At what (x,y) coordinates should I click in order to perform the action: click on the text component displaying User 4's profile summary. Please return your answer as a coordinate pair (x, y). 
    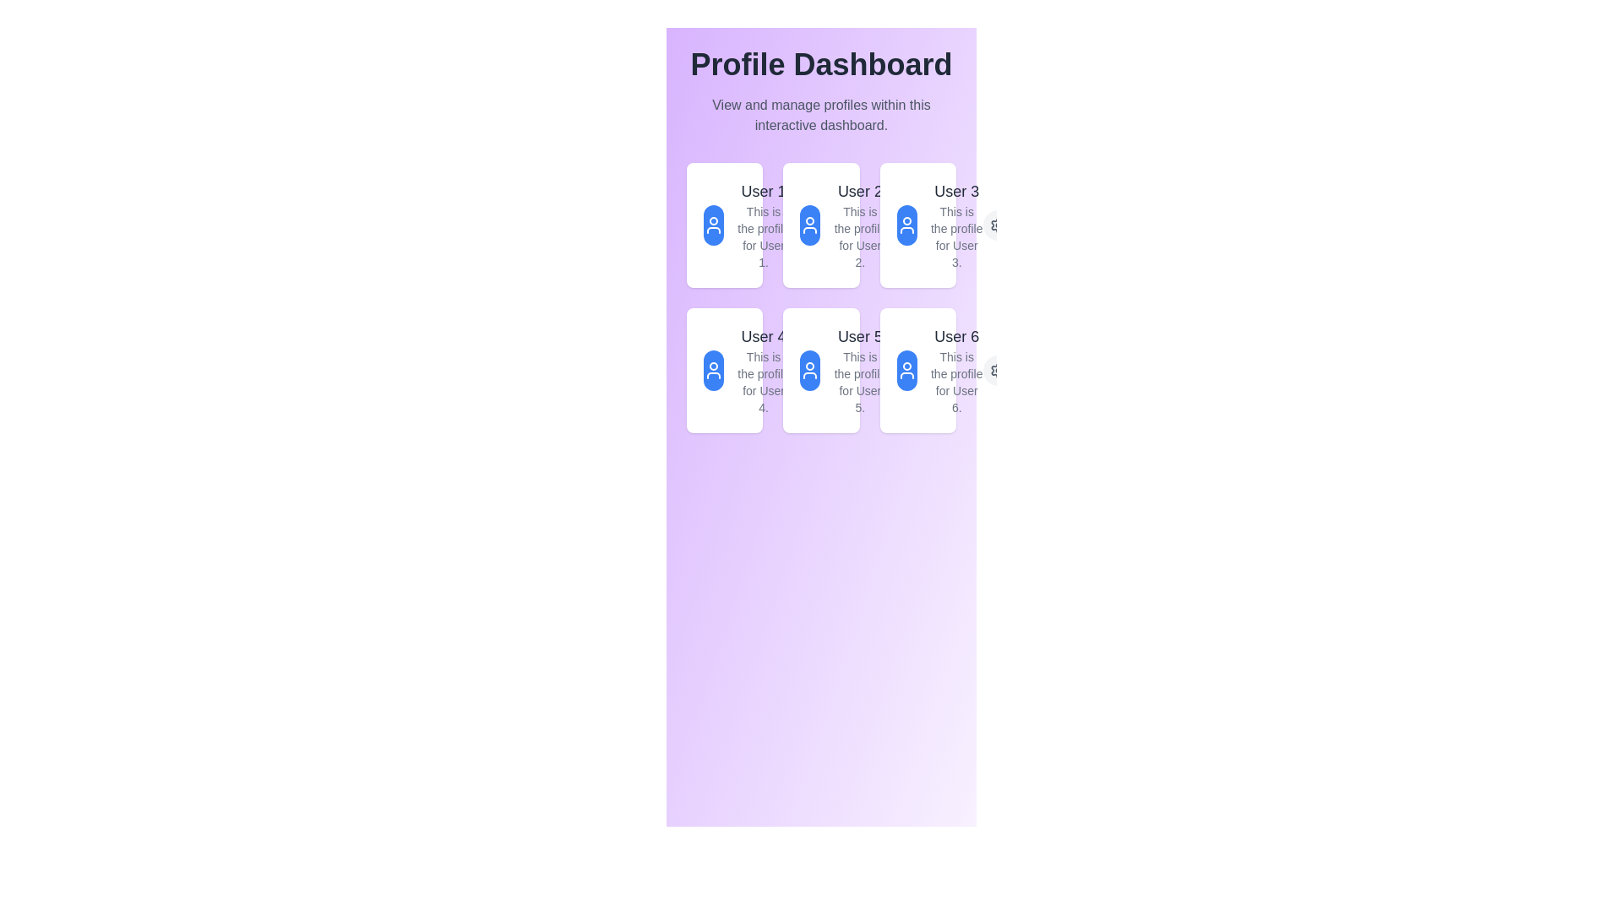
    Looking at the image, I should click on (762, 370).